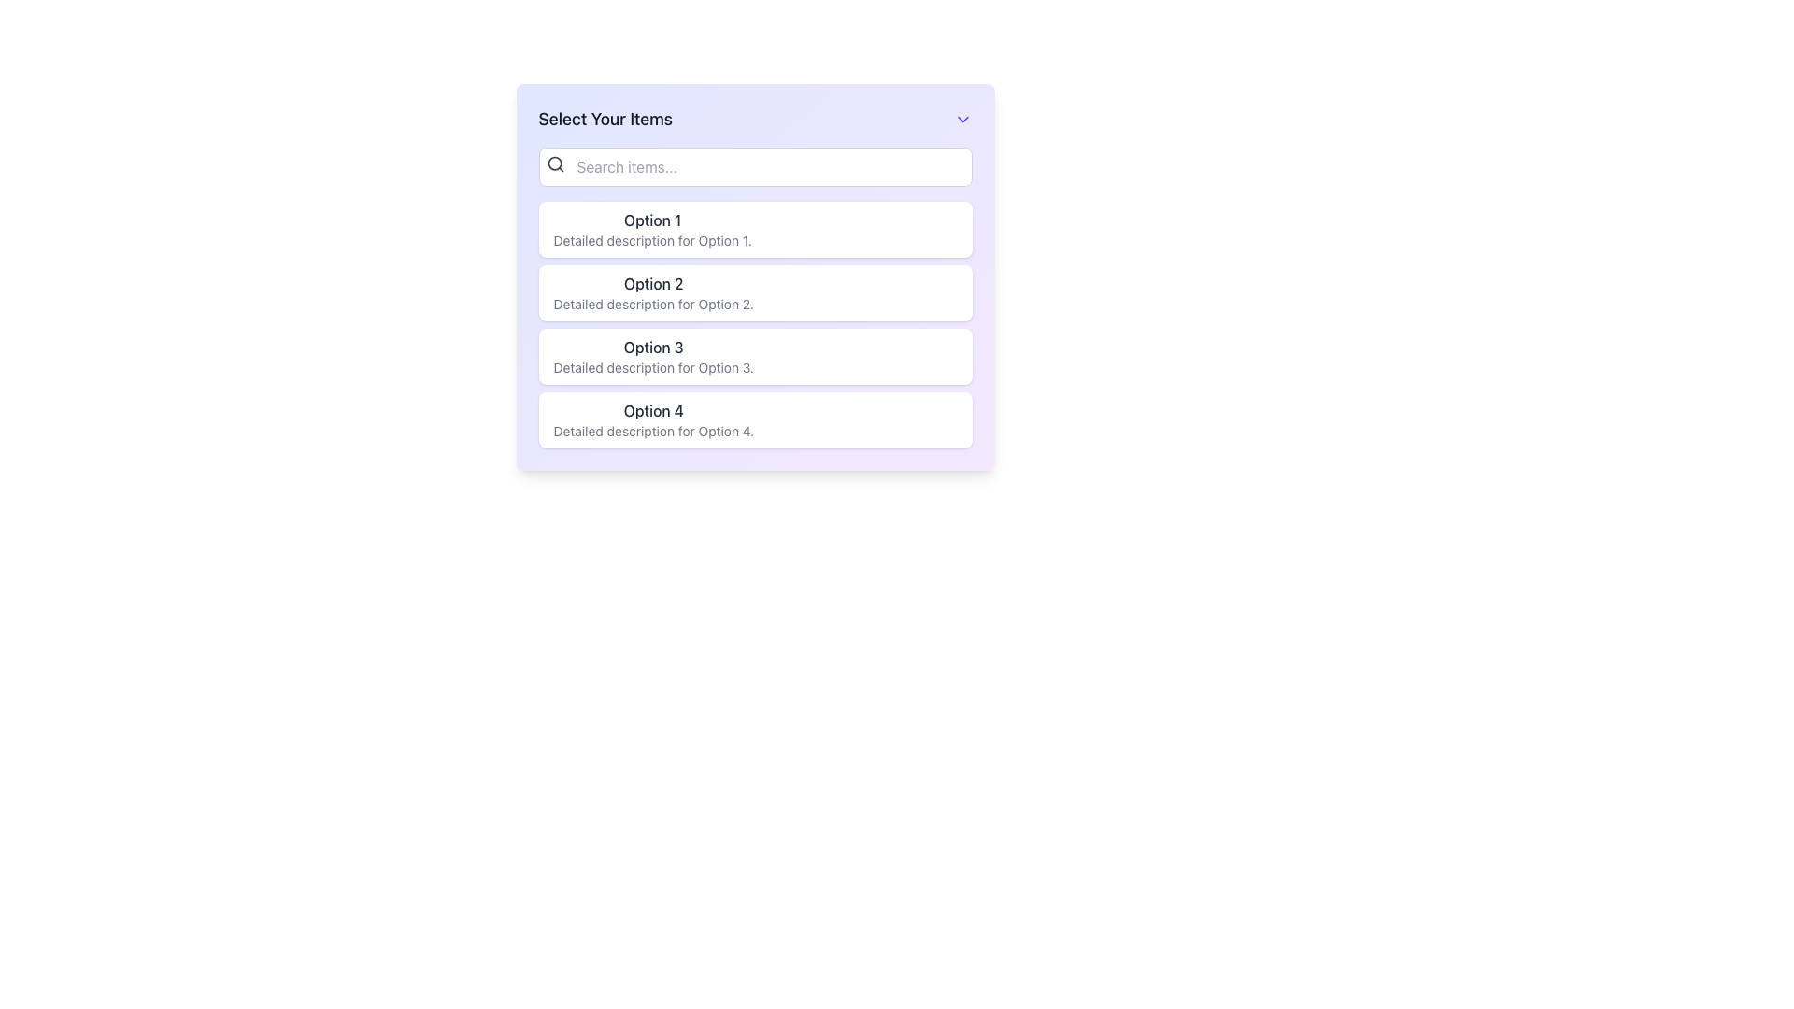 The width and height of the screenshot is (1794, 1009). Describe the element at coordinates (653, 292) in the screenshot. I see `content displayed in the second option text area, which shows 'Option 2' and its detailed description beneath it` at that location.